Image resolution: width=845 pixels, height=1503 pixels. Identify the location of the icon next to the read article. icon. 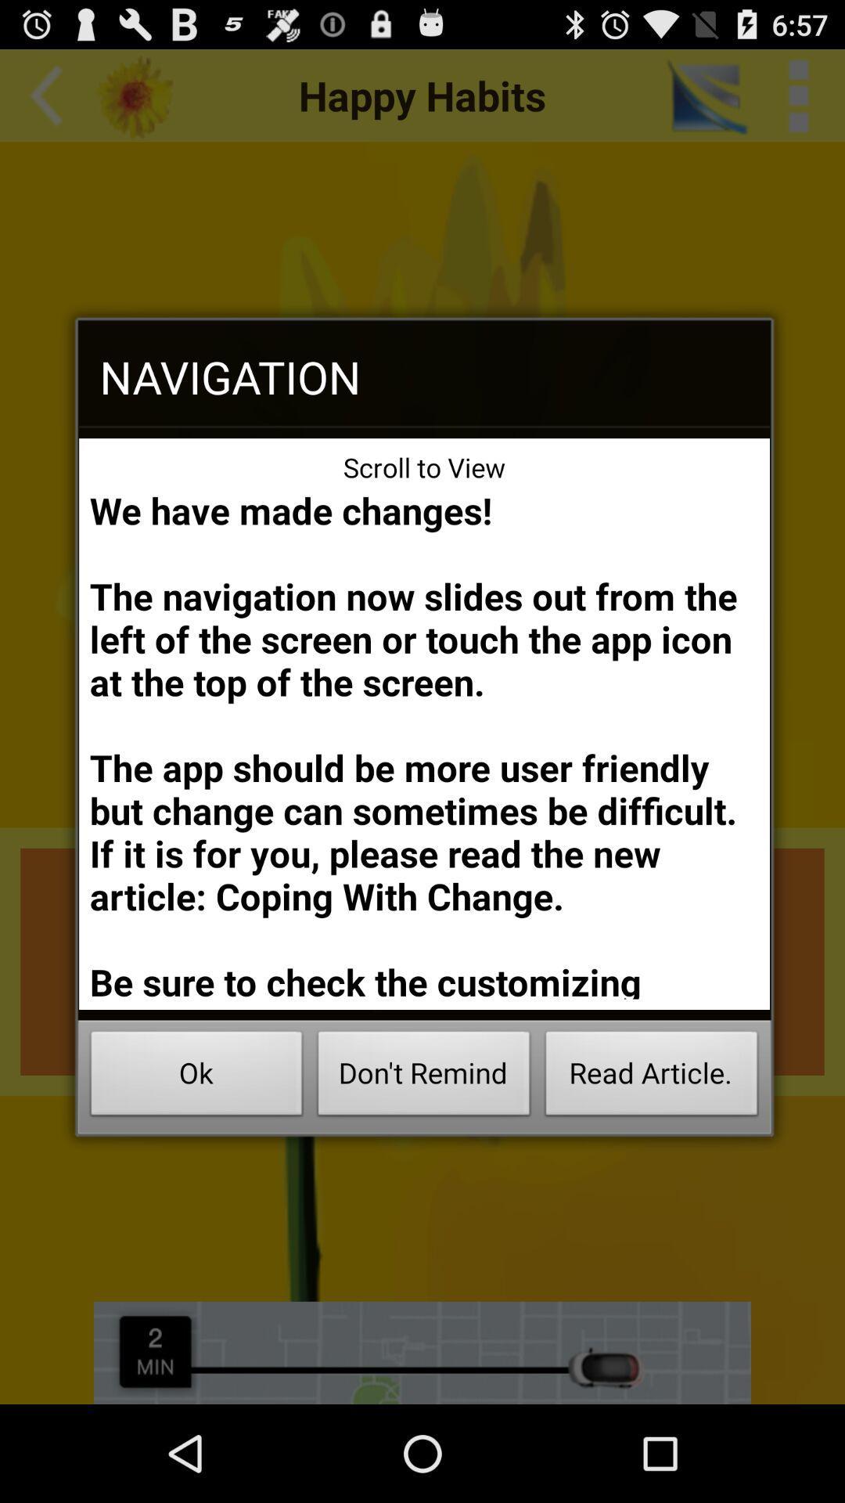
(424, 1077).